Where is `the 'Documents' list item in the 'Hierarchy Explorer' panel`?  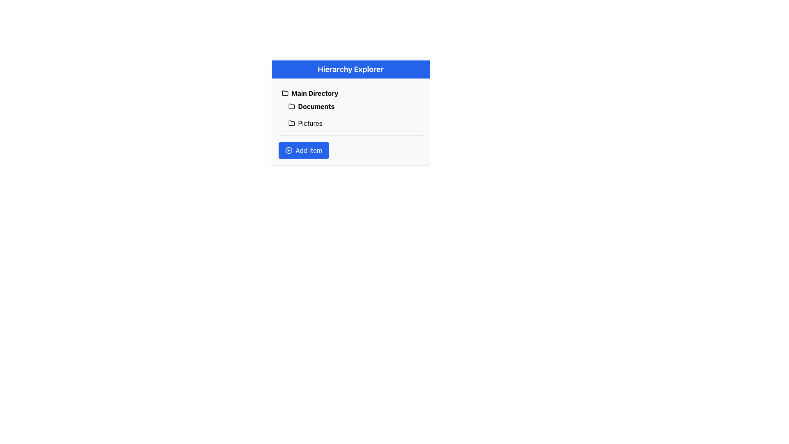
the 'Documents' list item in the 'Hierarchy Explorer' panel is located at coordinates (351, 115).